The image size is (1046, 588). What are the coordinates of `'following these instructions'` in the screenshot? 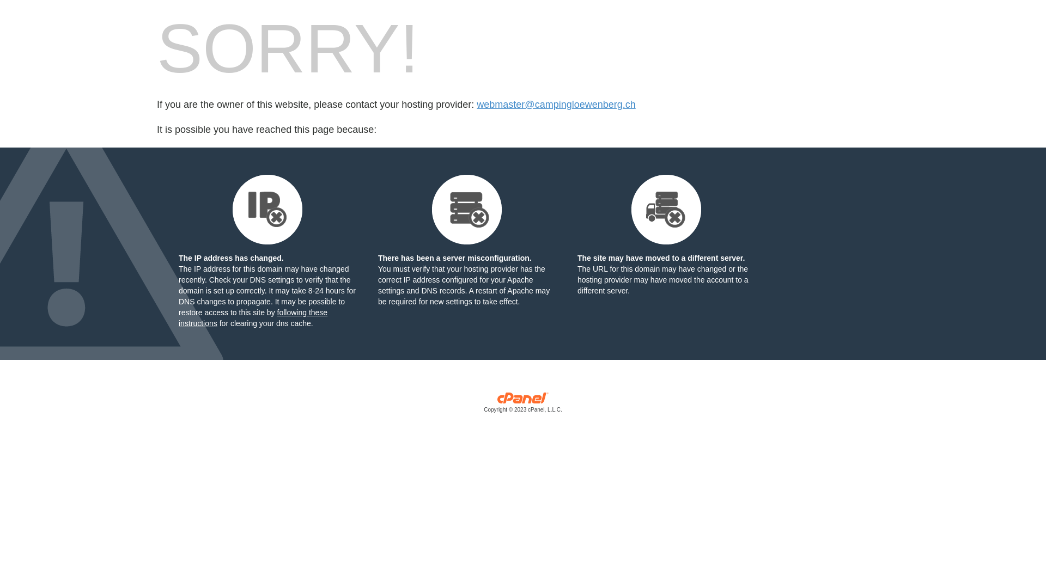 It's located at (252, 317).